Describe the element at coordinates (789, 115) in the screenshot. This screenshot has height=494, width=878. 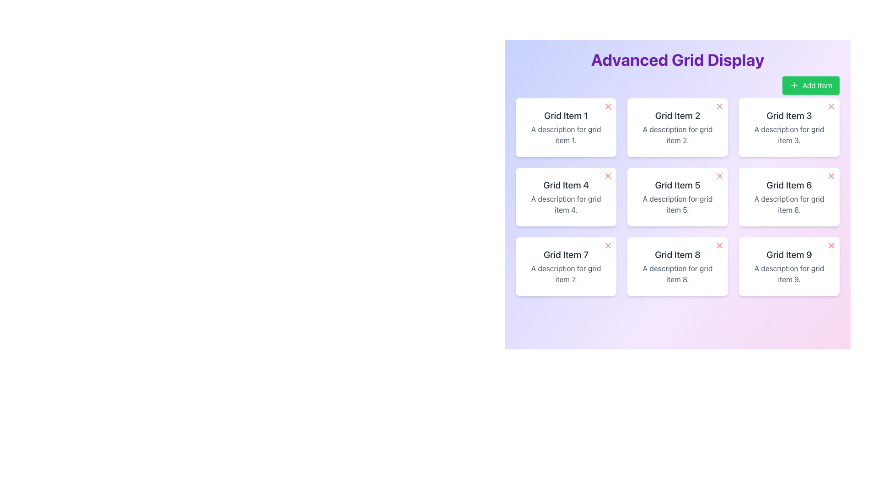
I see `the text element displaying 'Grid Item 3', located in the third grid item of the top row in the grid layout` at that location.